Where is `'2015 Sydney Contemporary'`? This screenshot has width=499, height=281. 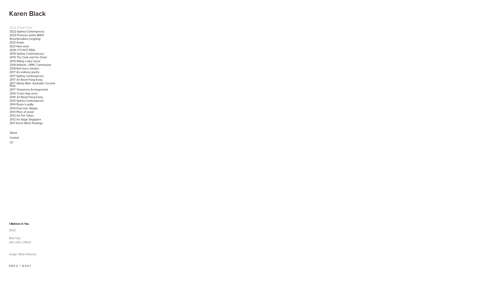
'2015 Sydney Contemporary' is located at coordinates (33, 101).